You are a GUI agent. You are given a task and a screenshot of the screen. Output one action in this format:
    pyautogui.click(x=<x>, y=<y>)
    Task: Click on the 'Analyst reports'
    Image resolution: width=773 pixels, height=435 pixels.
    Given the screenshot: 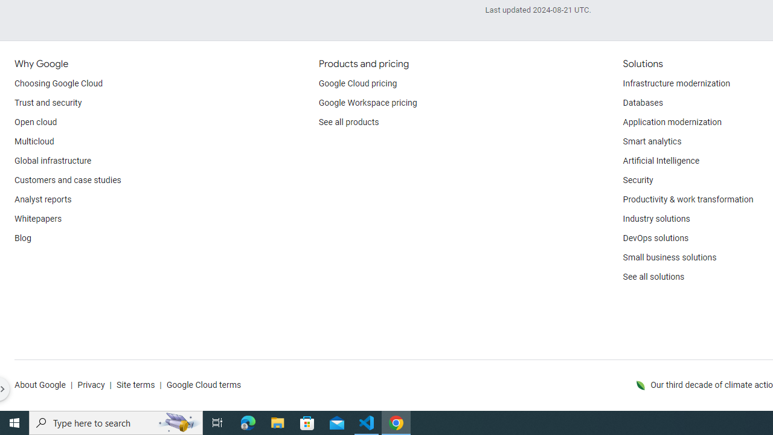 What is the action you would take?
    pyautogui.click(x=43, y=199)
    